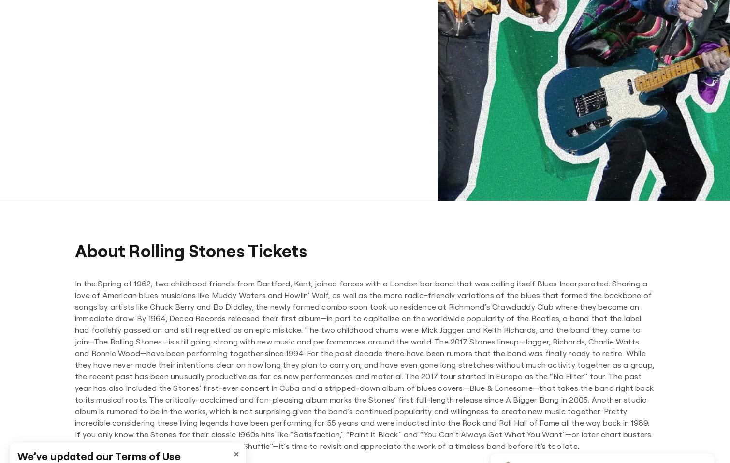  What do you see at coordinates (400, 59) in the screenshot?
I see `'San Francisco Giants'` at bounding box center [400, 59].